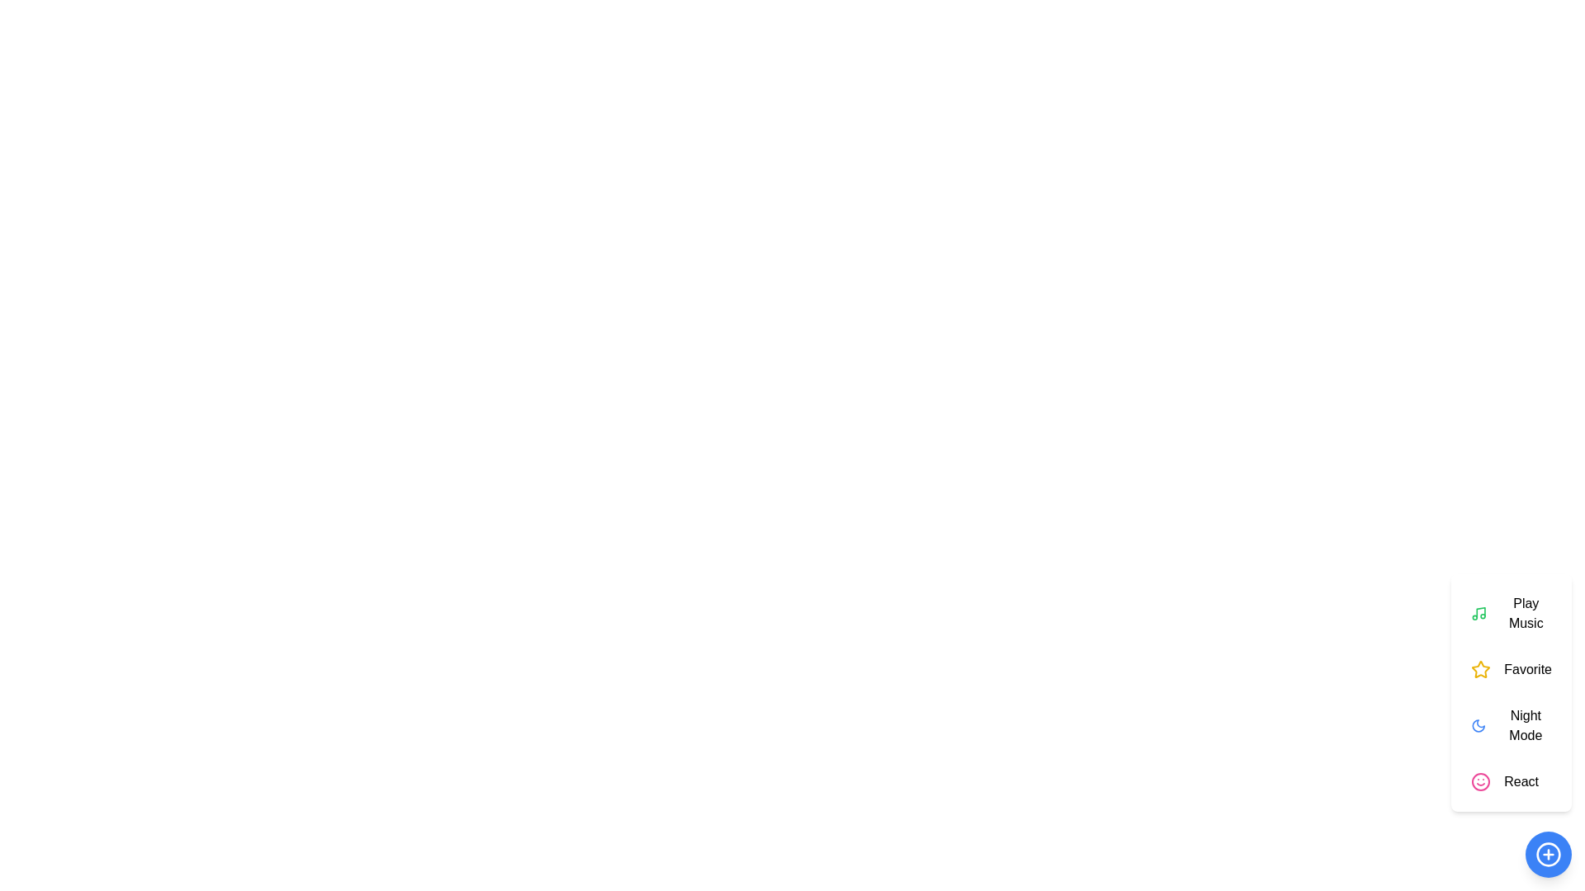 Image resolution: width=1585 pixels, height=891 pixels. I want to click on the 'React' button to select the 'React' action, so click(1505, 781).